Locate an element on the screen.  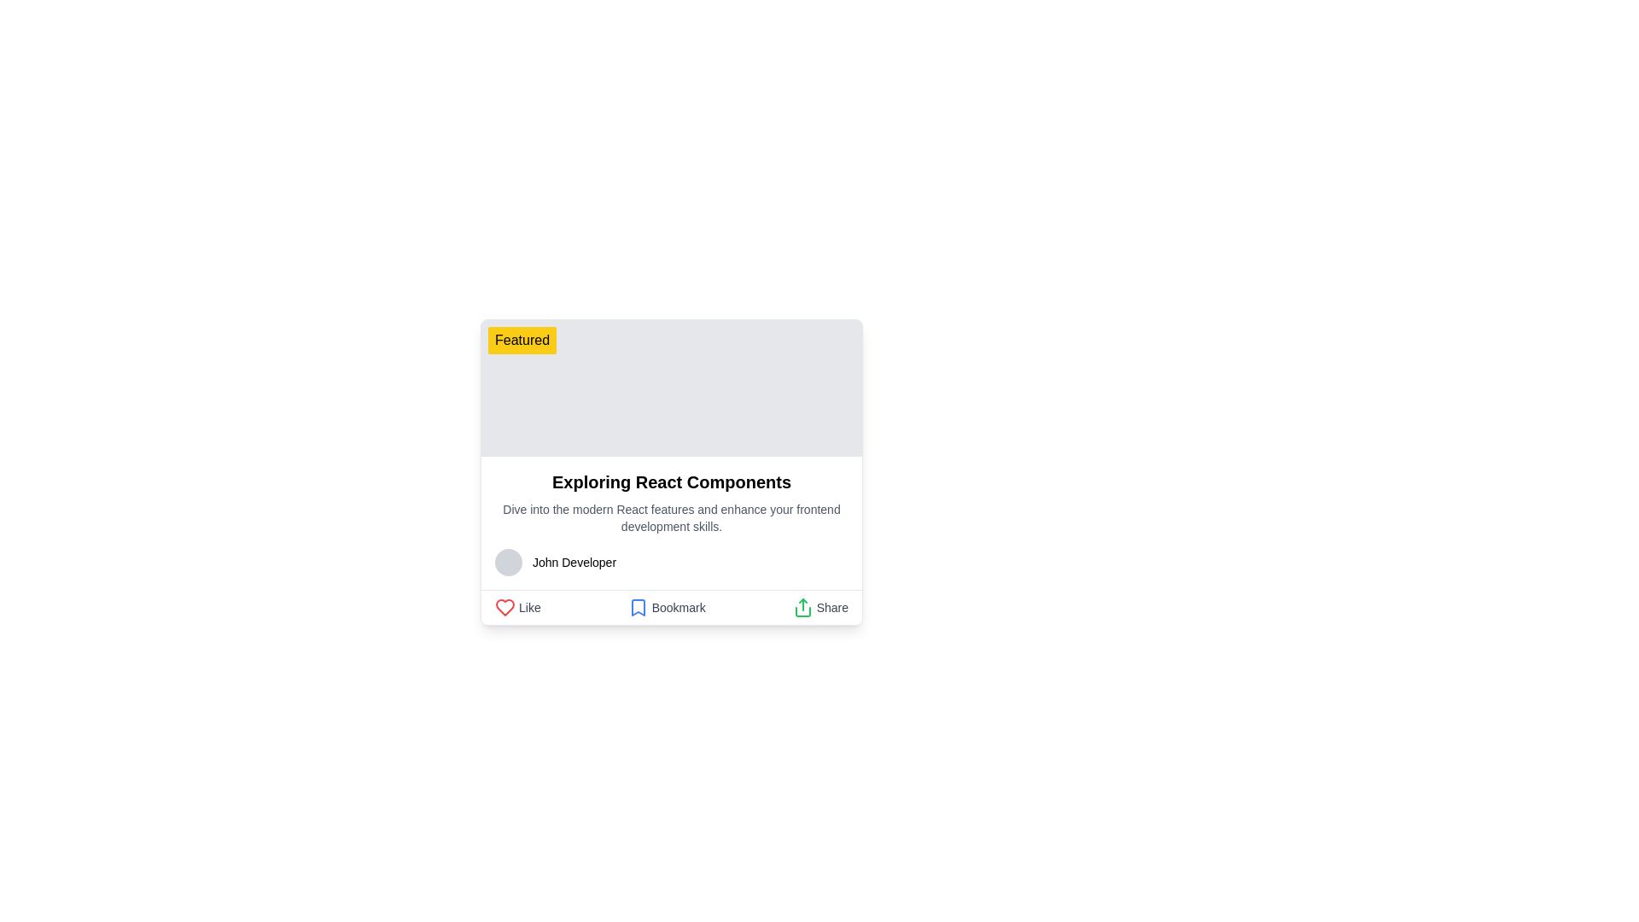
the 'Share' button located in the bottom-right corner of the card-like interface to initiate a sharing action is located at coordinates (802, 607).